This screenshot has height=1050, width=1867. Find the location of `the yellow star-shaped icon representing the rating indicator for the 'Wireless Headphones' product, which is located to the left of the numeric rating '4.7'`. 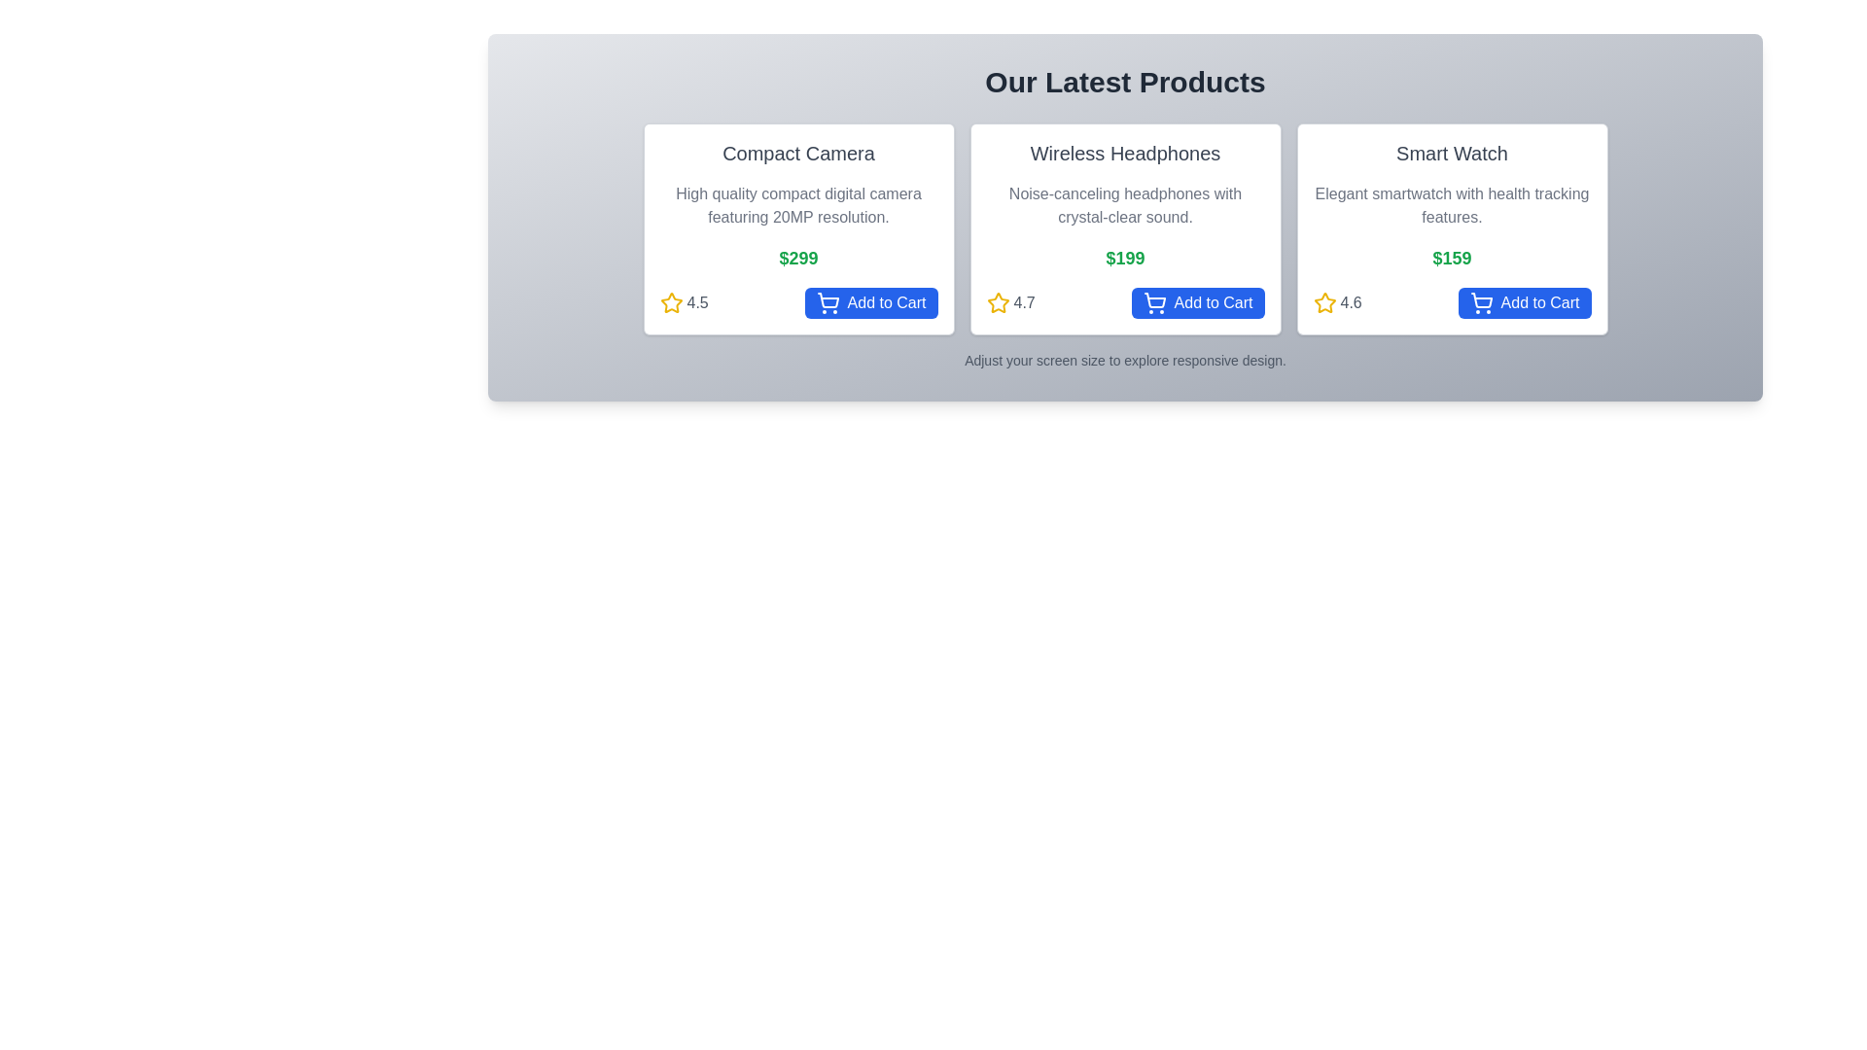

the yellow star-shaped icon representing the rating indicator for the 'Wireless Headphones' product, which is located to the left of the numeric rating '4.7' is located at coordinates (998, 303).